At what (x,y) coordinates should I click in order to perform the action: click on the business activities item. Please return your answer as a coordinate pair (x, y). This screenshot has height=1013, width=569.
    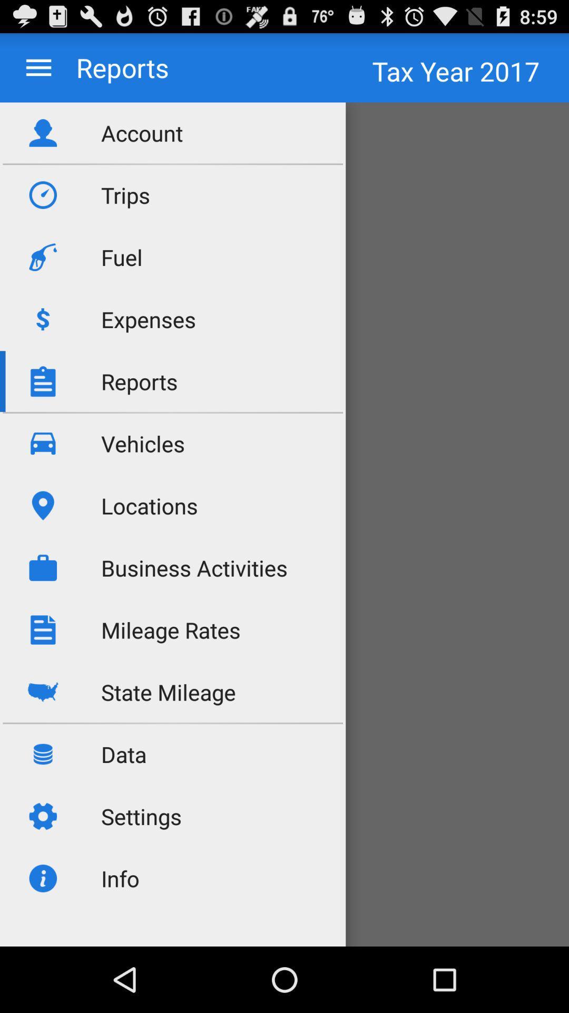
    Looking at the image, I should click on (194, 567).